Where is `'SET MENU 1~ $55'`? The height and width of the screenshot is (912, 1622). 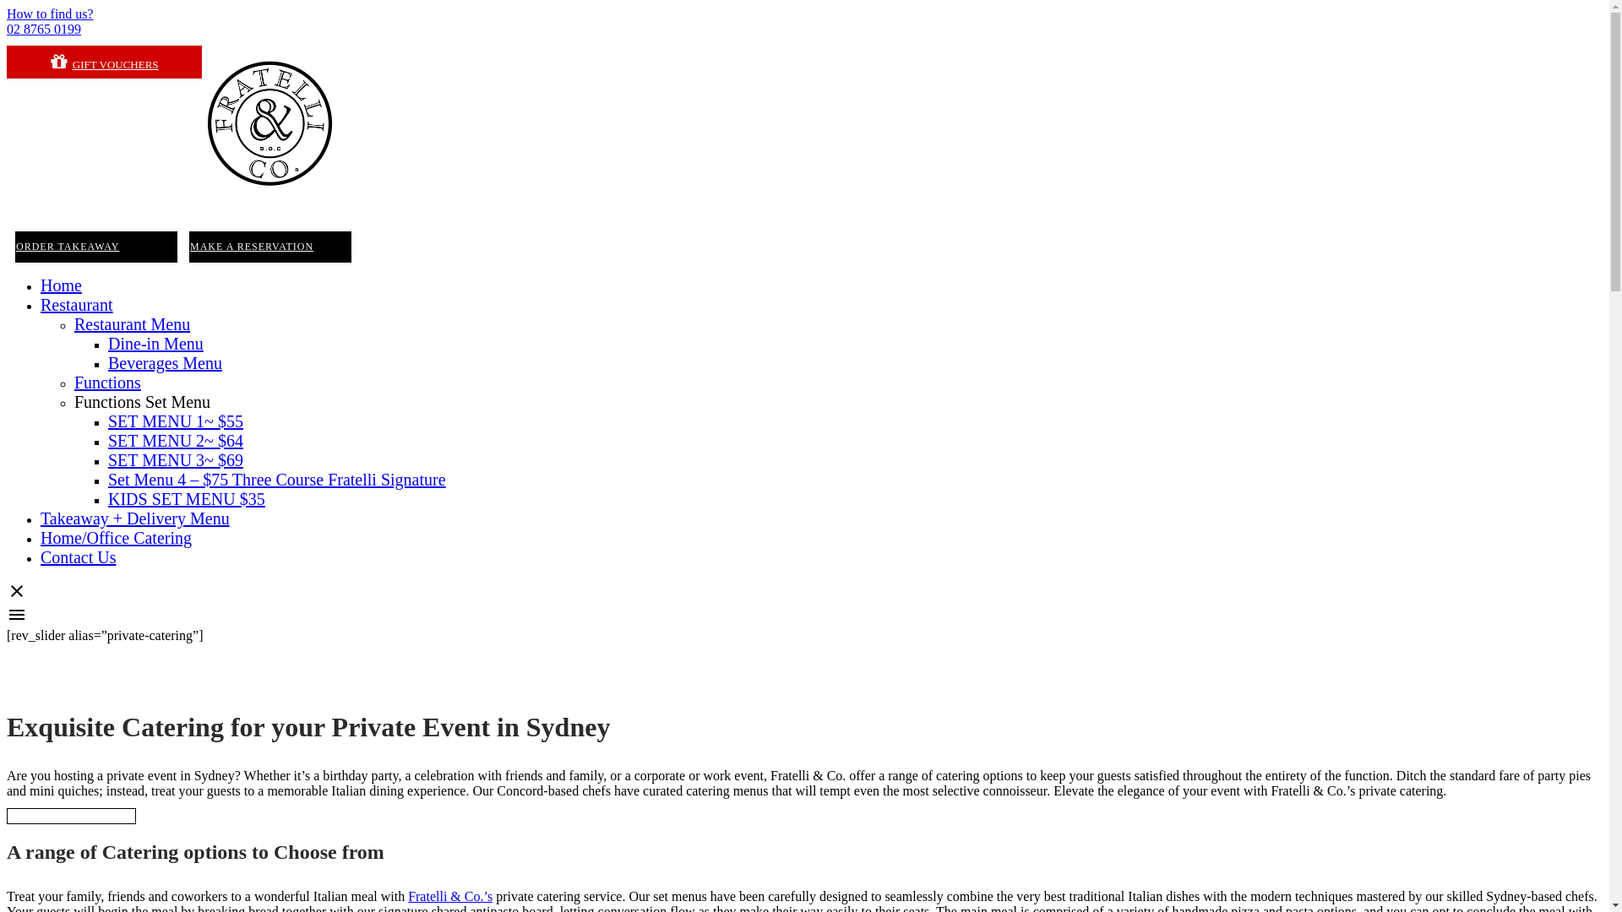
'SET MENU 1~ $55' is located at coordinates (107, 420).